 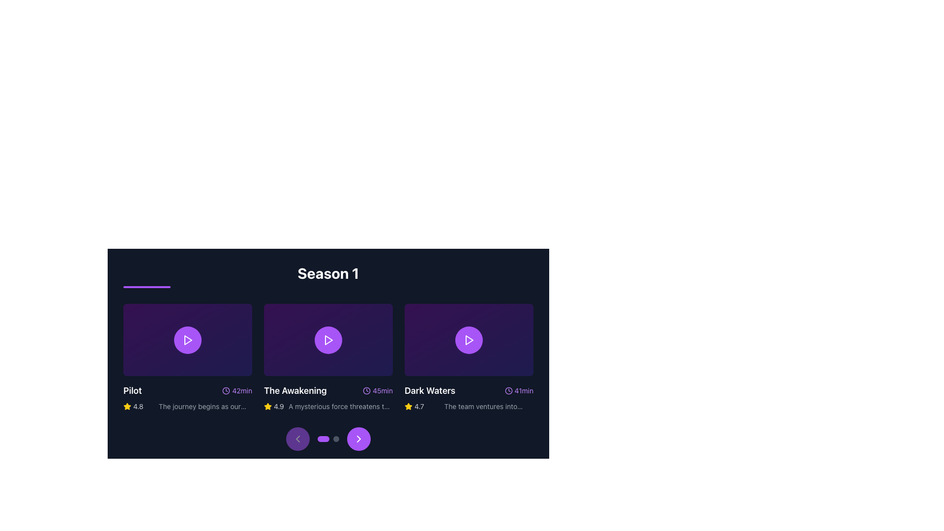 What do you see at coordinates (358, 439) in the screenshot?
I see `the Chevron Arrow icon located at the bottom center of the interface` at bounding box center [358, 439].